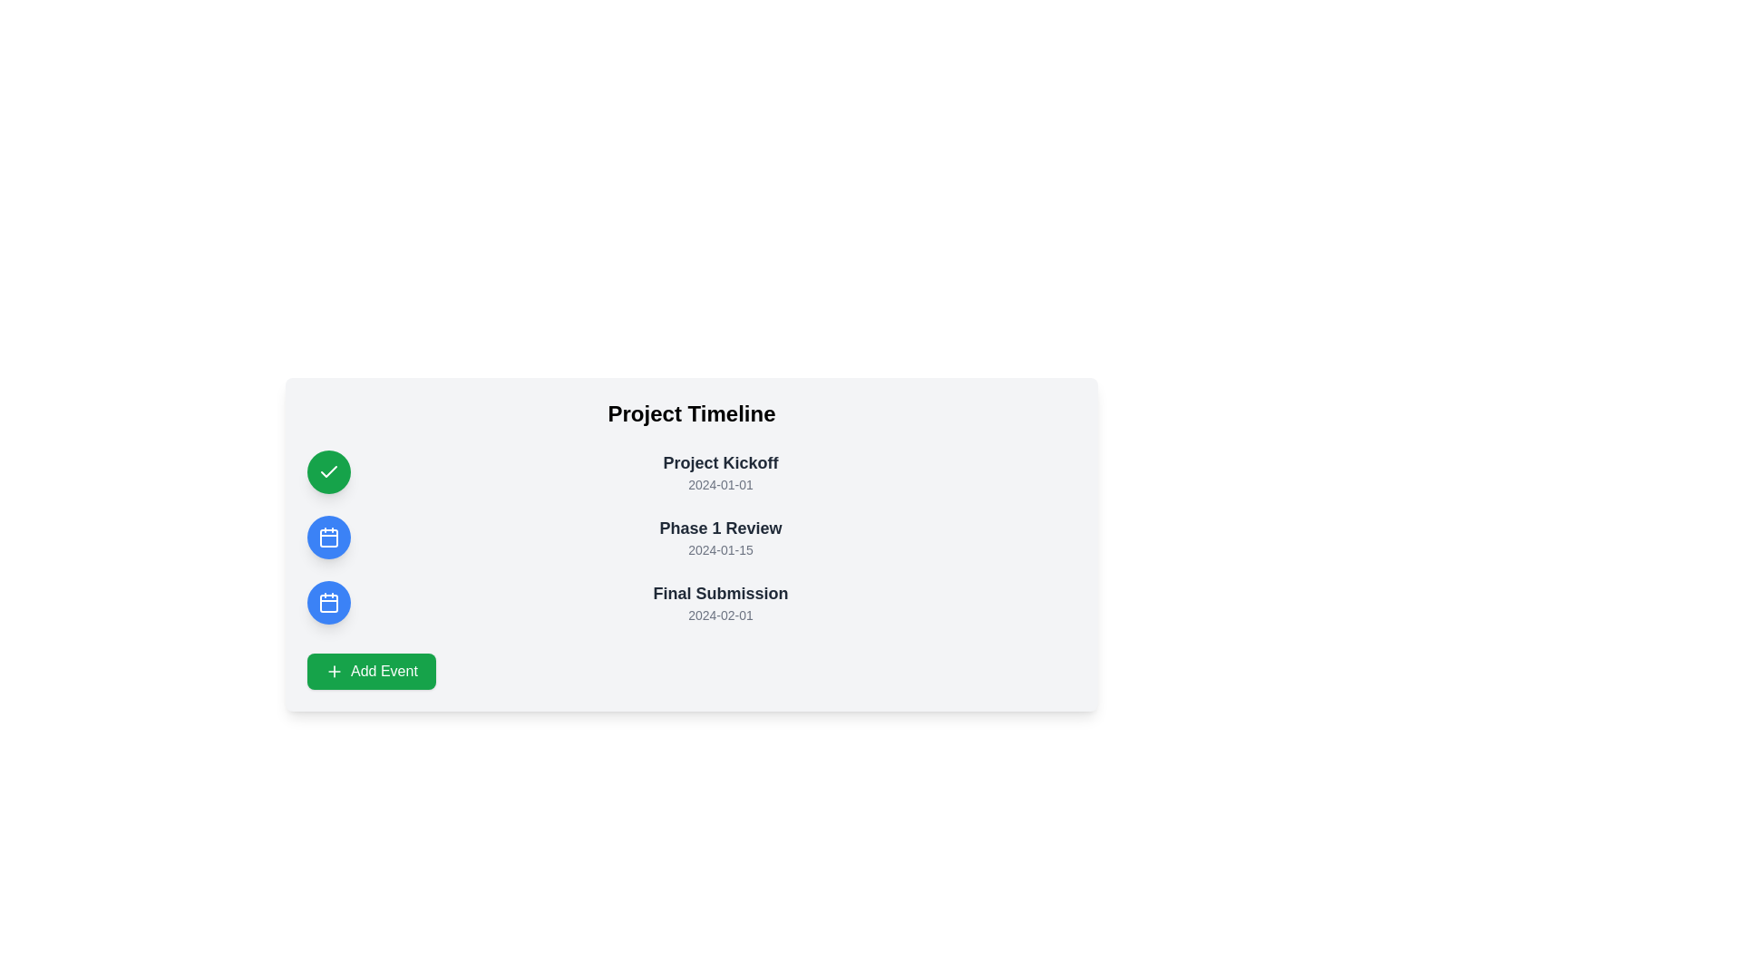 The image size is (1741, 979). Describe the element at coordinates (720, 470) in the screenshot. I see `the Text block that provides information about a specific event in the project timeline, including its title and date, located in the main content area under the 'Project Timeline' section` at that location.